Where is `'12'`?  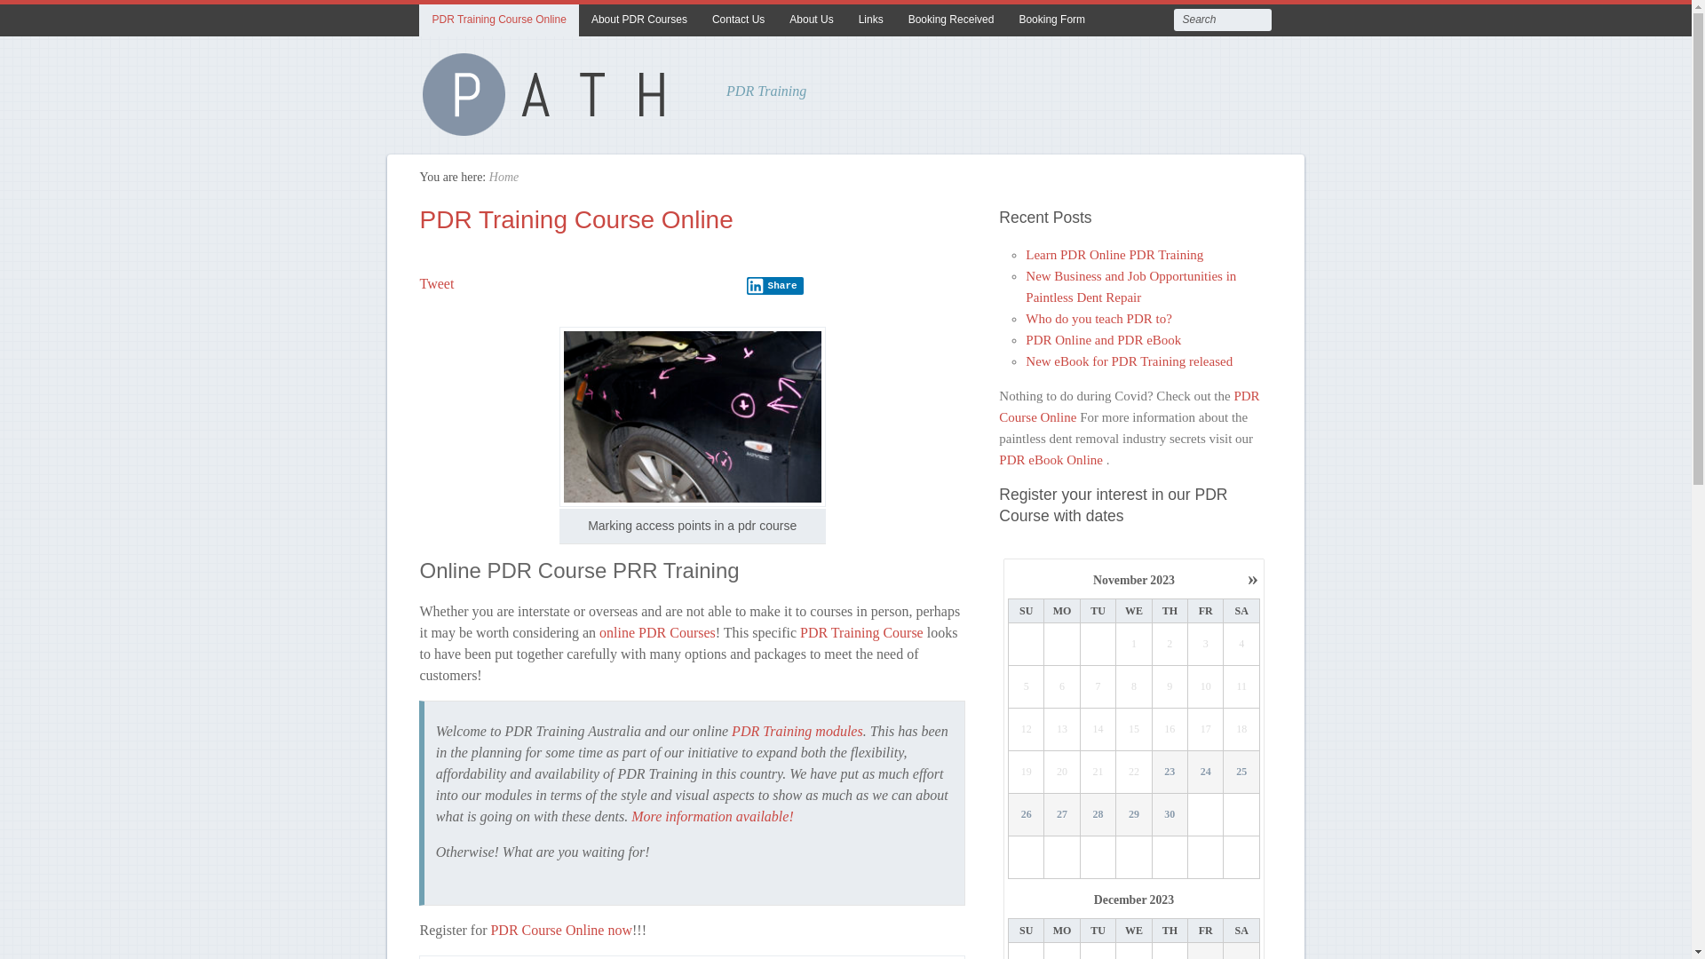 '12' is located at coordinates (1009, 729).